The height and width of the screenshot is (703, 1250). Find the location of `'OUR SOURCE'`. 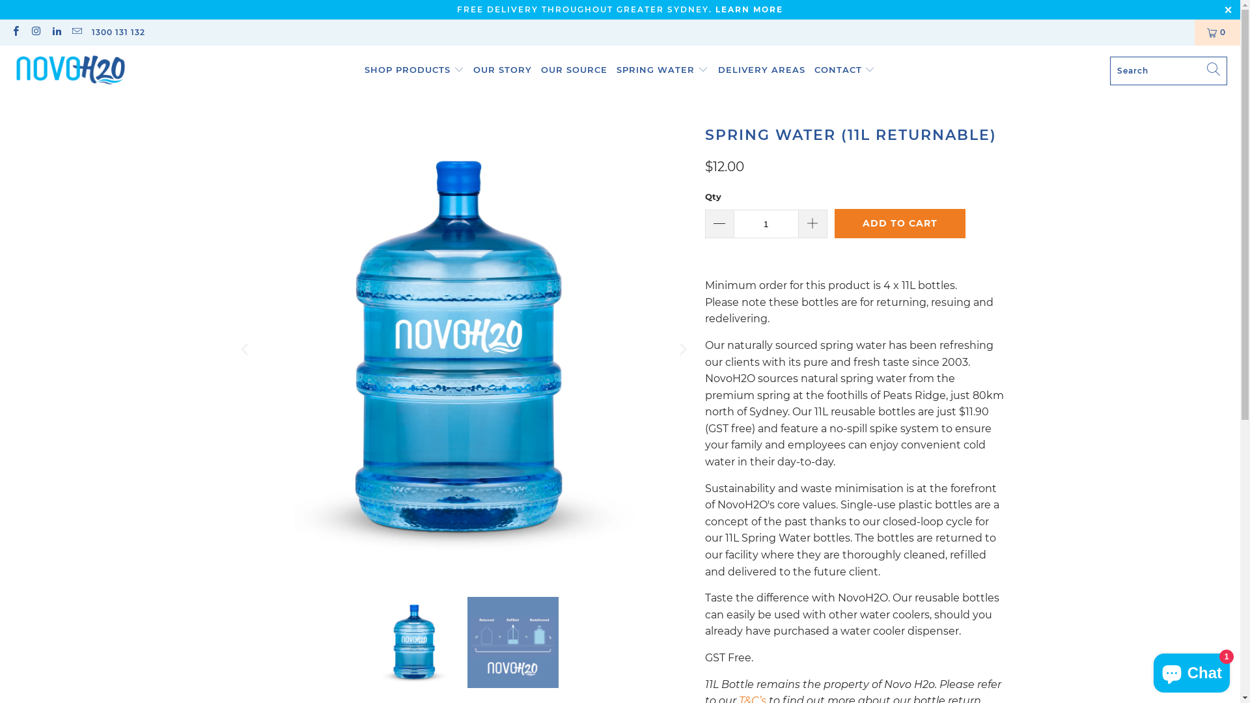

'OUR SOURCE' is located at coordinates (574, 70).